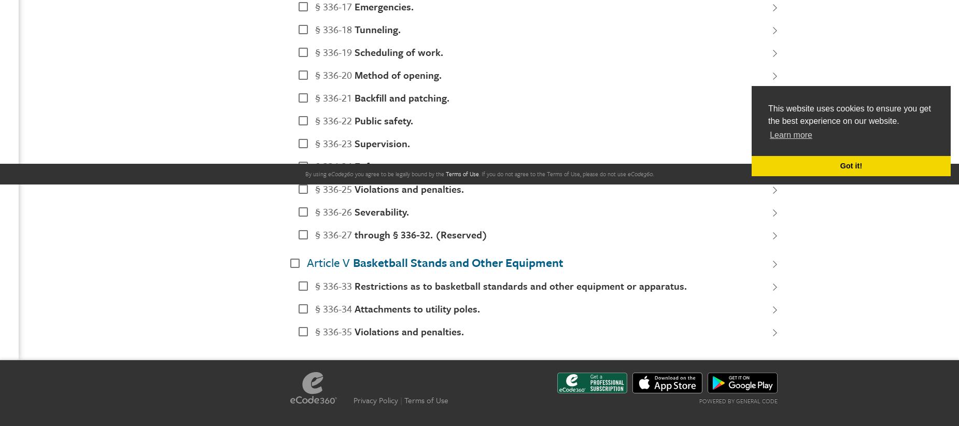 This screenshot has width=959, height=426. What do you see at coordinates (370, 173) in the screenshot?
I see `'you agree to'` at bounding box center [370, 173].